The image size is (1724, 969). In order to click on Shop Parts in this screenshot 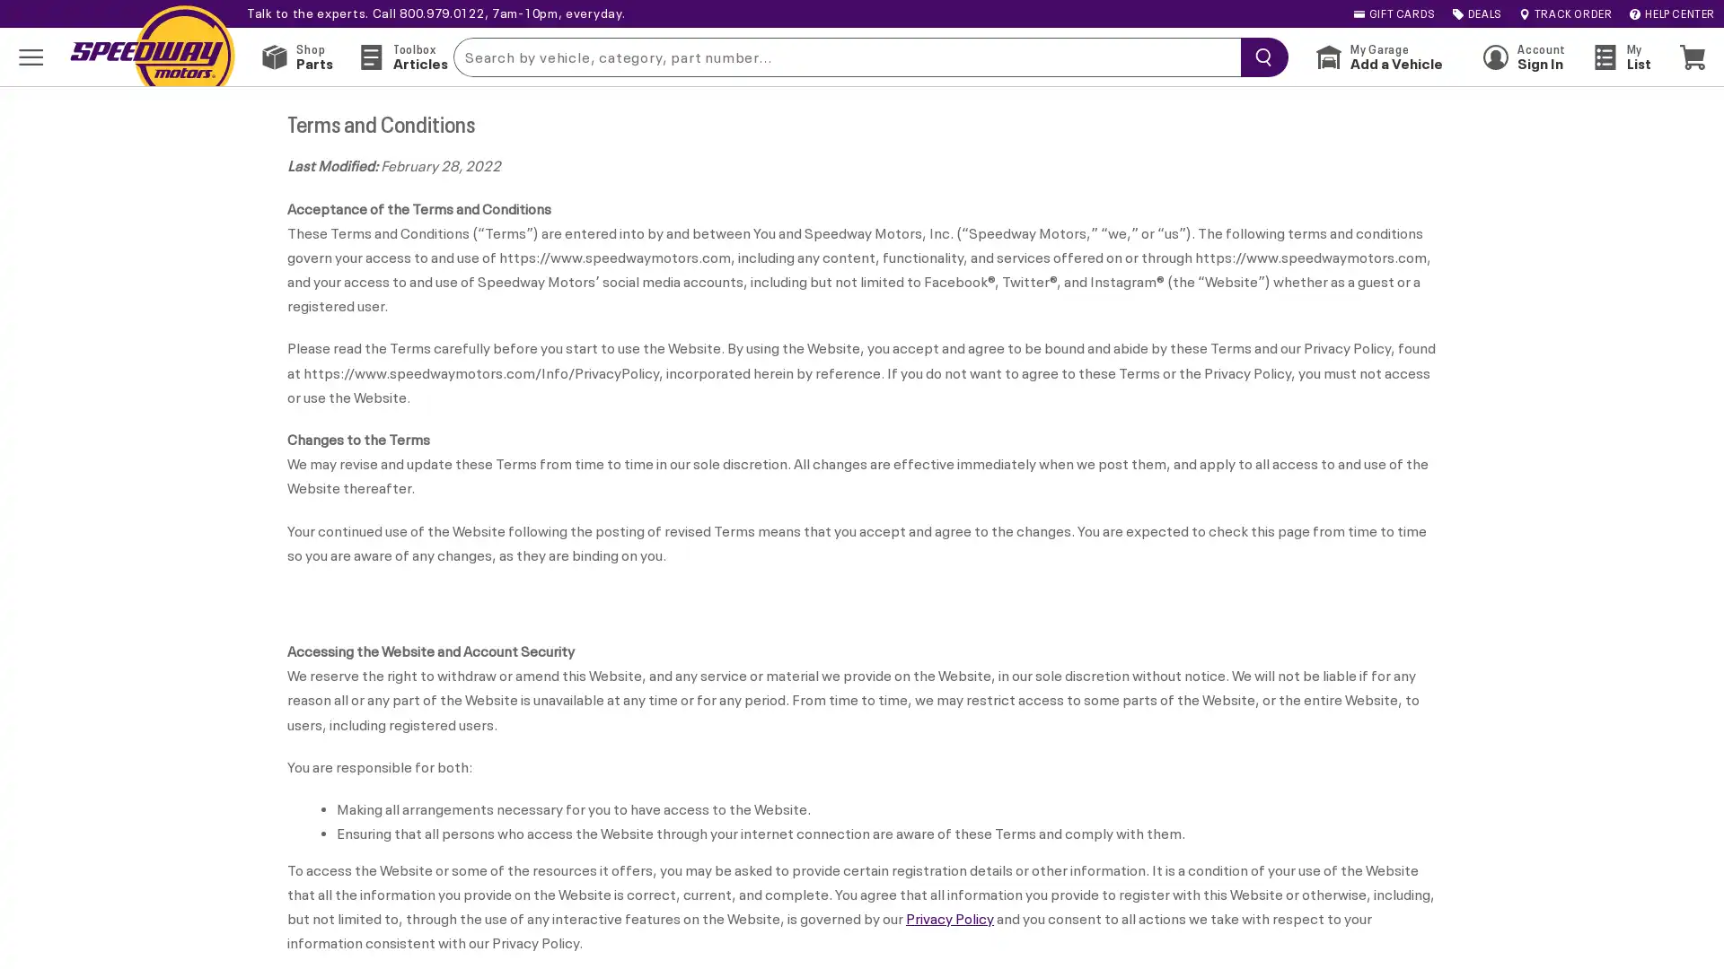, I will do `click(297, 56)`.